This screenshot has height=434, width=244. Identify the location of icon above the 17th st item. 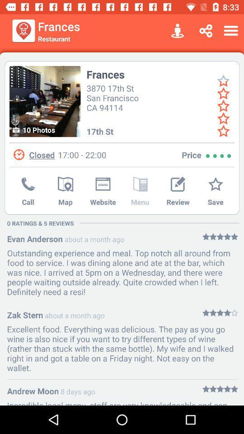
(114, 97).